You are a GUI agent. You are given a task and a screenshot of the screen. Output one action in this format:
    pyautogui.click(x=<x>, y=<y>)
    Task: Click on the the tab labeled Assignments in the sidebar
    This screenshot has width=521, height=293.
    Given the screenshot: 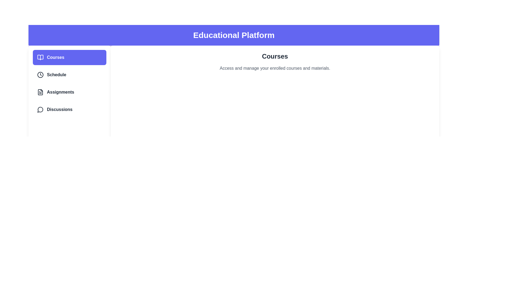 What is the action you would take?
    pyautogui.click(x=69, y=92)
    